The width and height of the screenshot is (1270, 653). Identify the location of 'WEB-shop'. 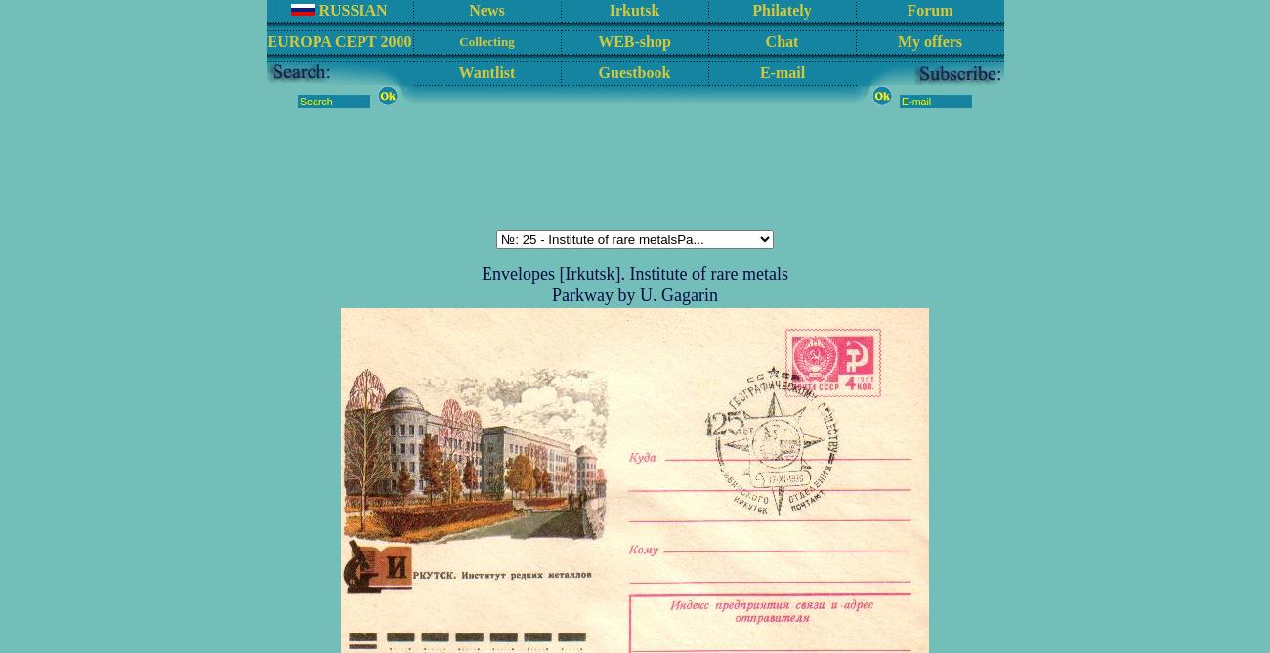
(633, 40).